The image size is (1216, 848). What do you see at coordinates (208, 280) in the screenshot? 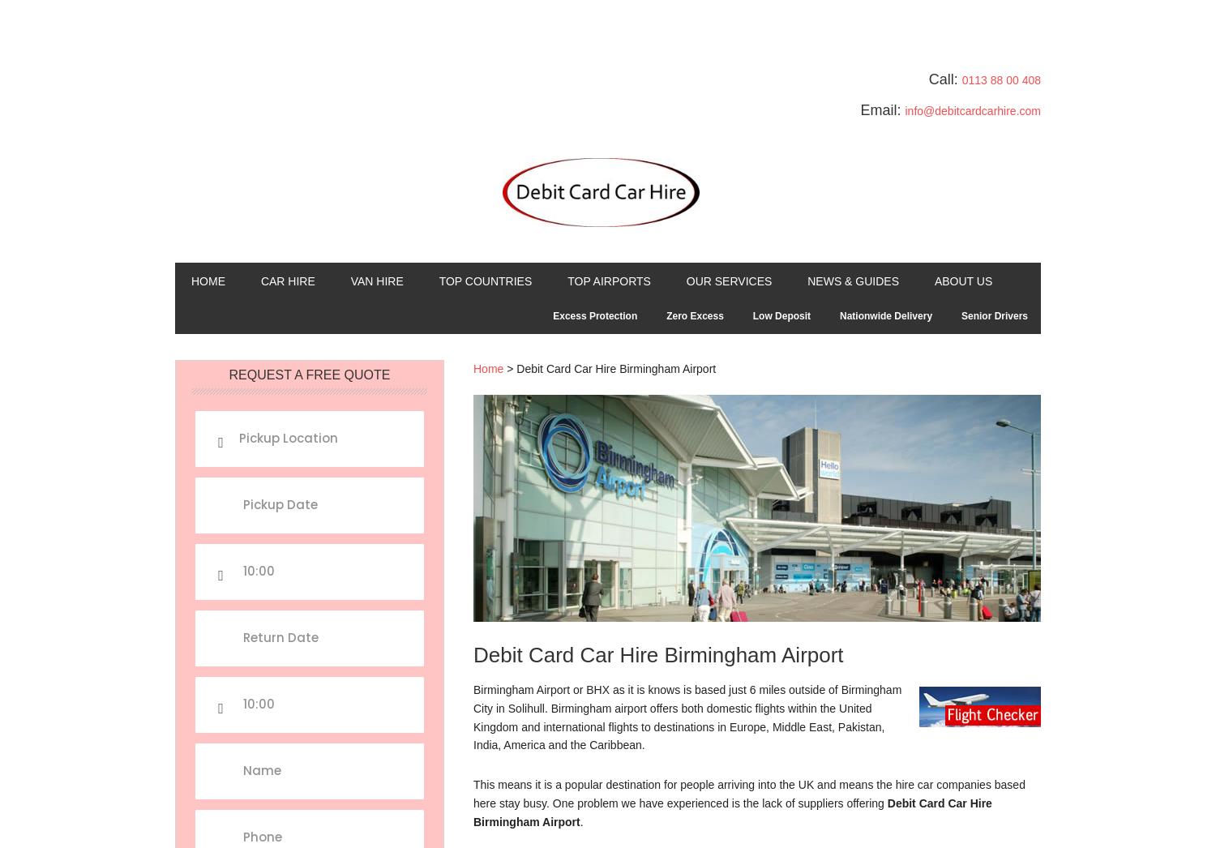
I see `'Home'` at bounding box center [208, 280].